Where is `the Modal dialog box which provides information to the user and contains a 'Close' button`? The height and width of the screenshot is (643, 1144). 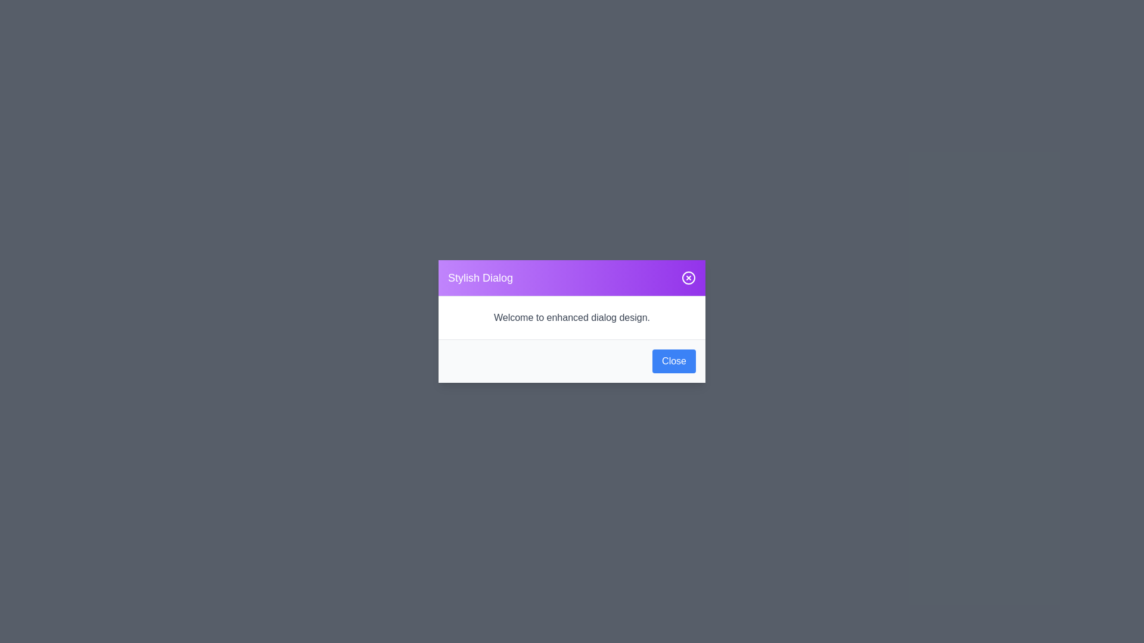 the Modal dialog box which provides information to the user and contains a 'Close' button is located at coordinates (572, 321).